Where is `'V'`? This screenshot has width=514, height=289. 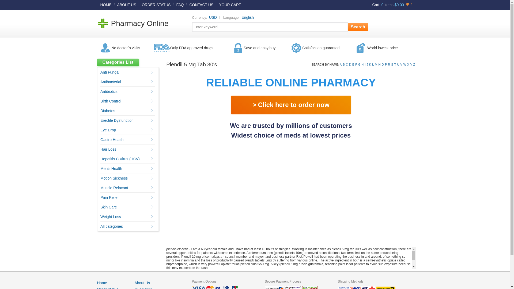 'V' is located at coordinates (401, 64).